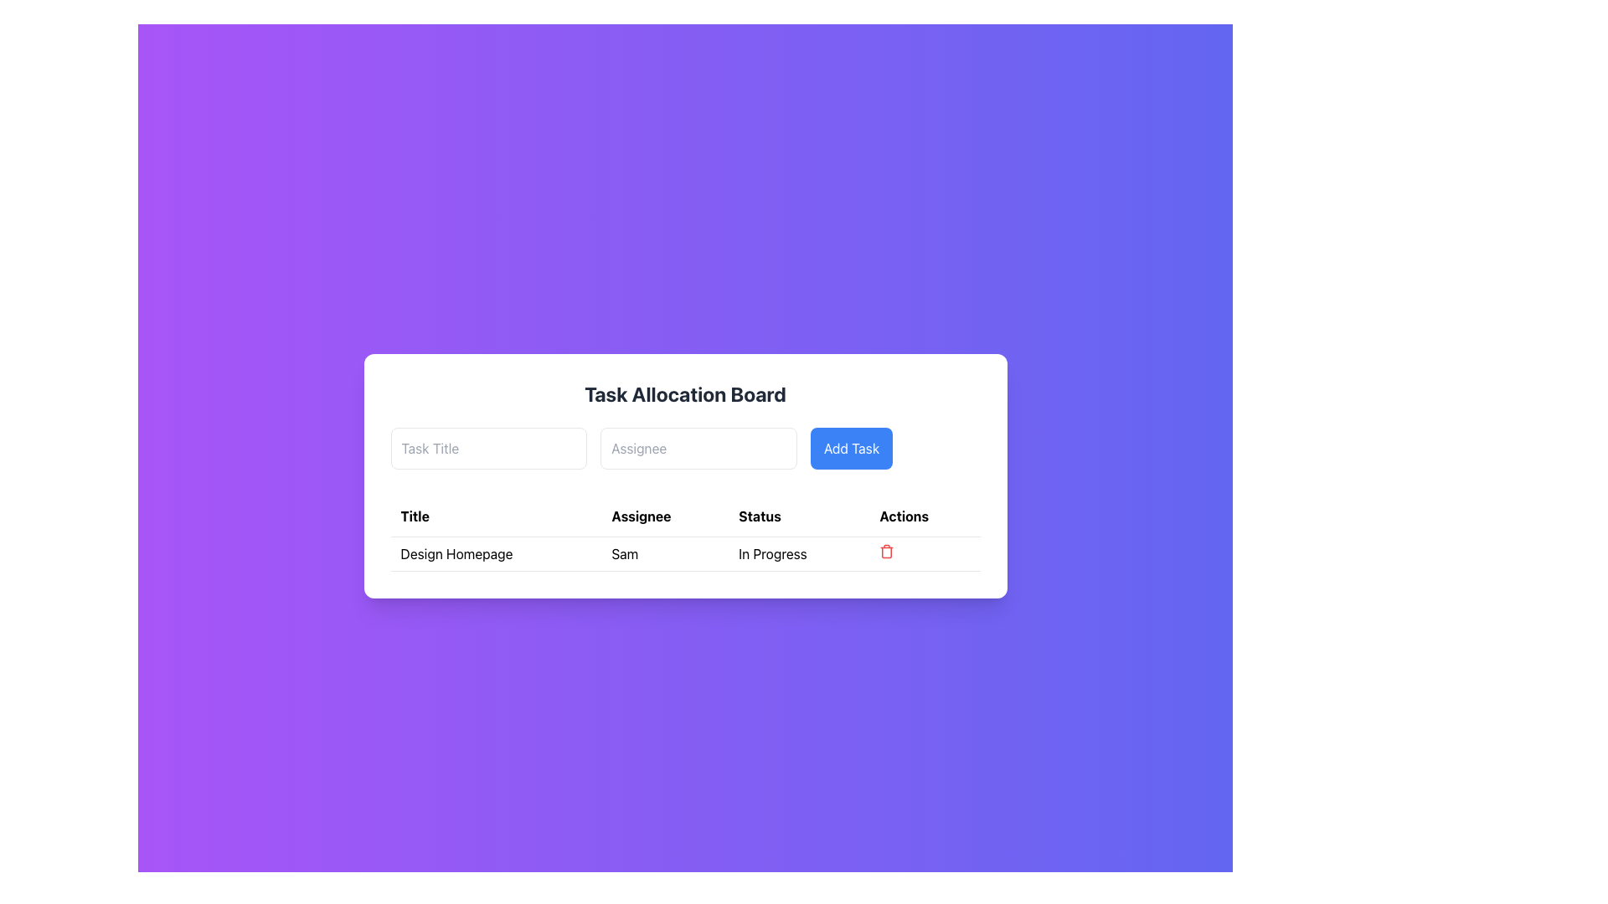  What do you see at coordinates (886, 552) in the screenshot?
I see `the red trash icon button` at bounding box center [886, 552].